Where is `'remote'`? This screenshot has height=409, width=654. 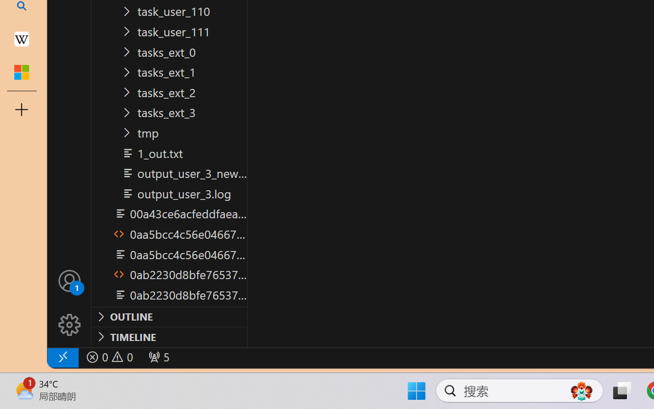 'remote' is located at coordinates (62, 357).